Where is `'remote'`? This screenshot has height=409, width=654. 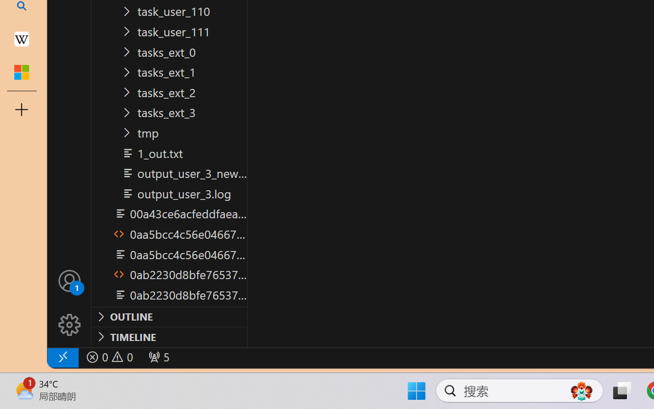 'remote' is located at coordinates (62, 357).